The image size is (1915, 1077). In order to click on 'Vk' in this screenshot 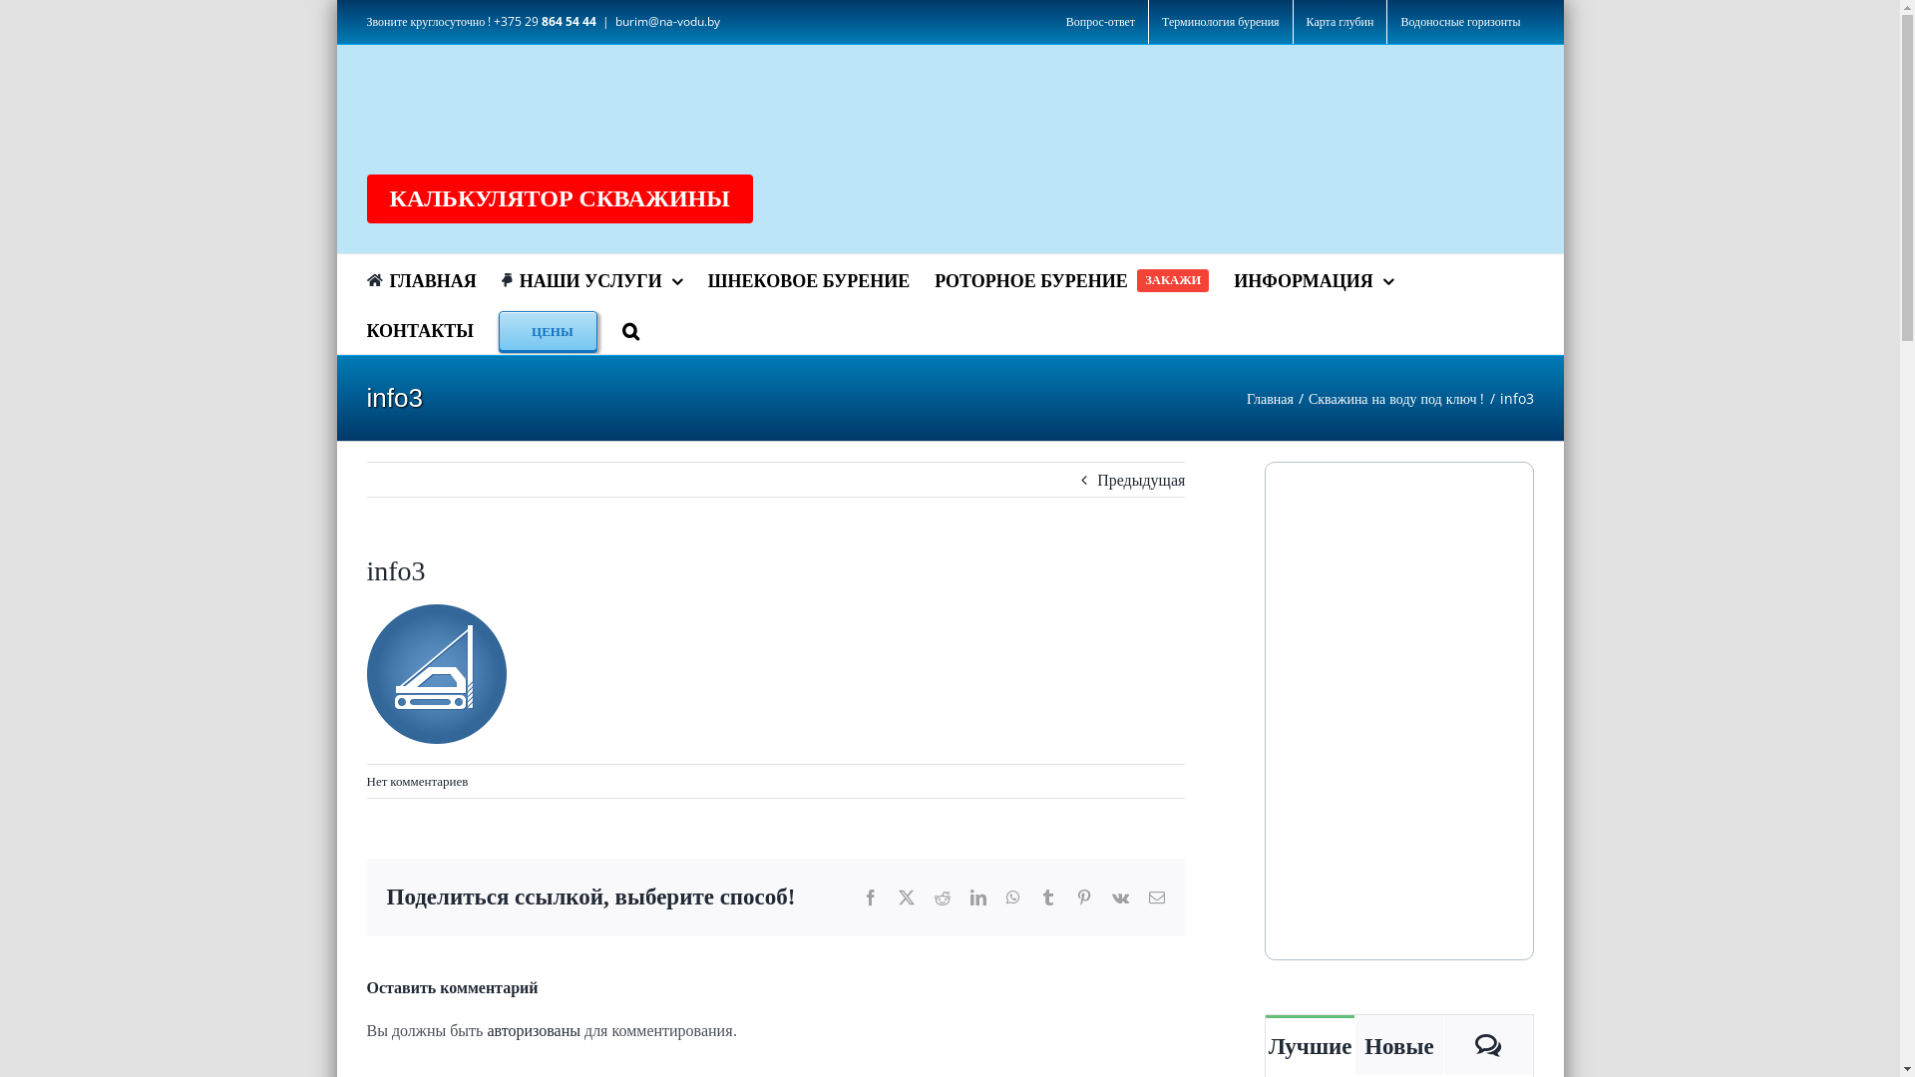, I will do `click(1120, 896)`.